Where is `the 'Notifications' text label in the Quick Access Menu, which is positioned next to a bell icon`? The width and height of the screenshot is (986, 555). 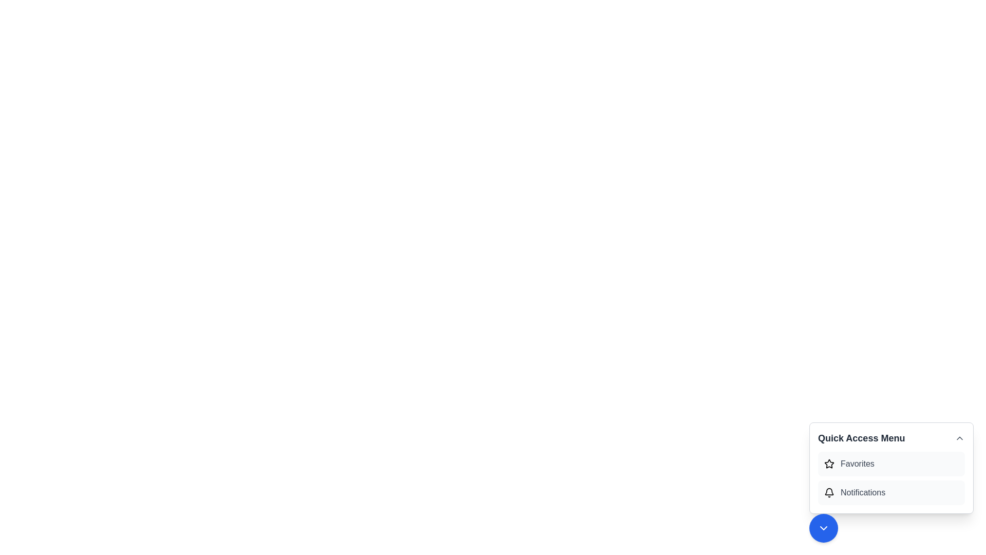
the 'Notifications' text label in the Quick Access Menu, which is positioned next to a bell icon is located at coordinates (863, 492).